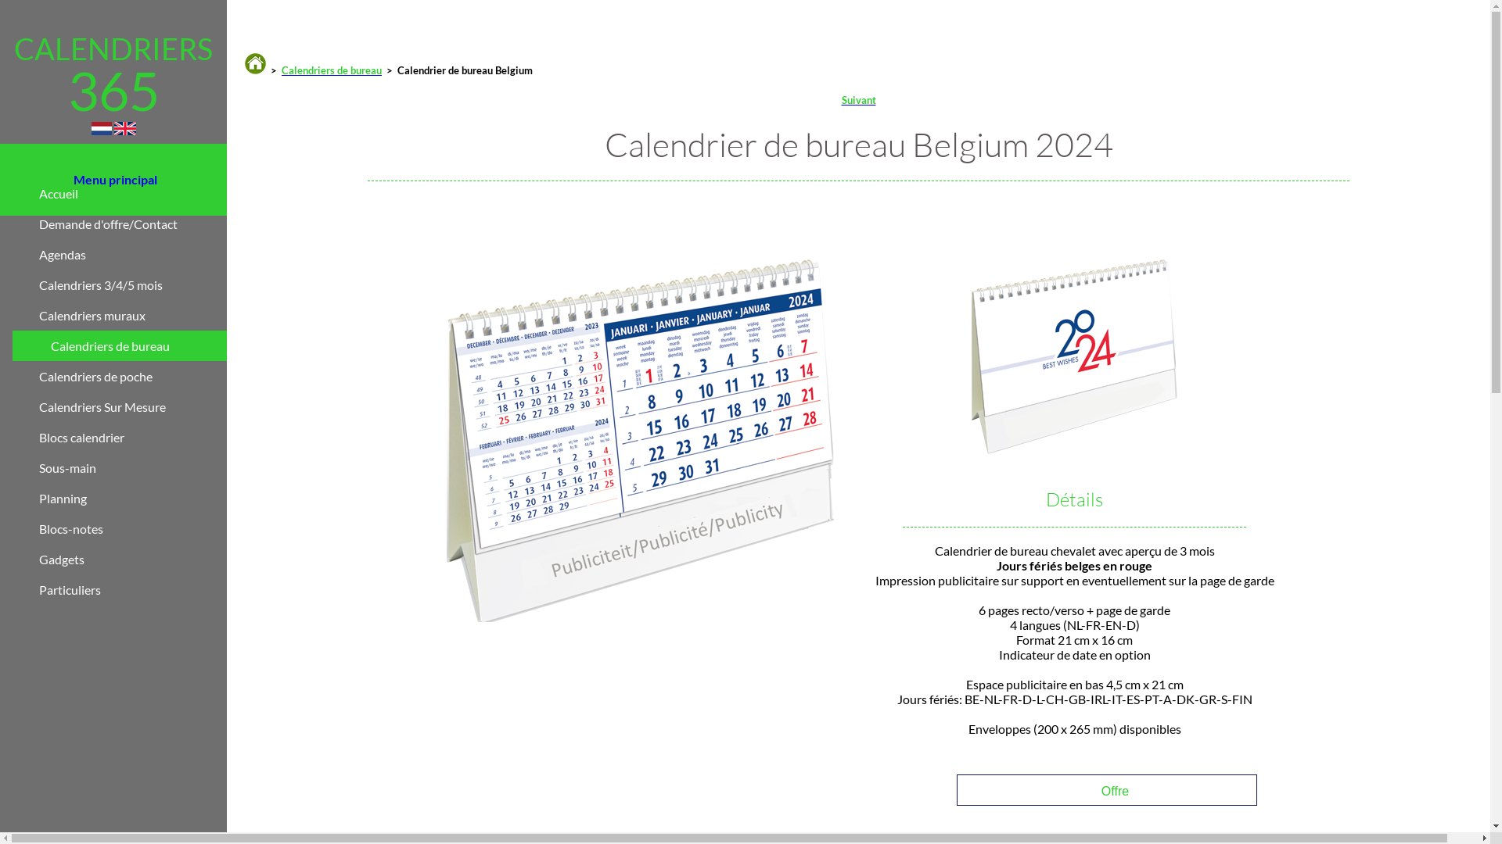  I want to click on 'Calendriers de bureau', so click(12, 345).